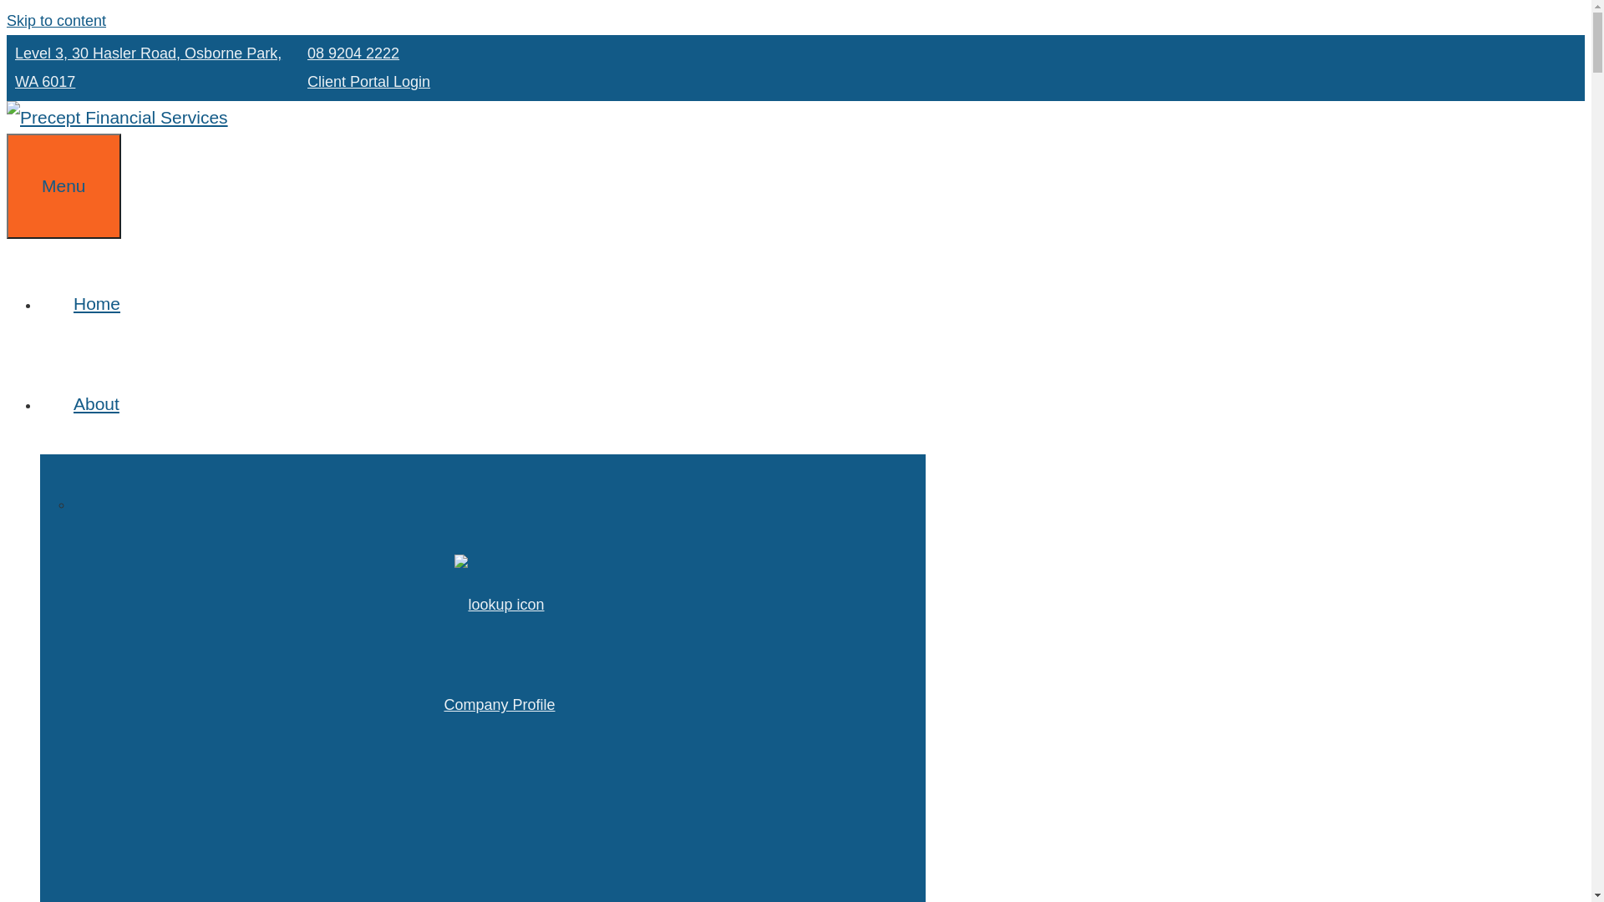 The image size is (1604, 902). Describe the element at coordinates (148, 67) in the screenshot. I see `'Level 3, 30 Hasler Road, Osborne Park, WA 6017'` at that location.